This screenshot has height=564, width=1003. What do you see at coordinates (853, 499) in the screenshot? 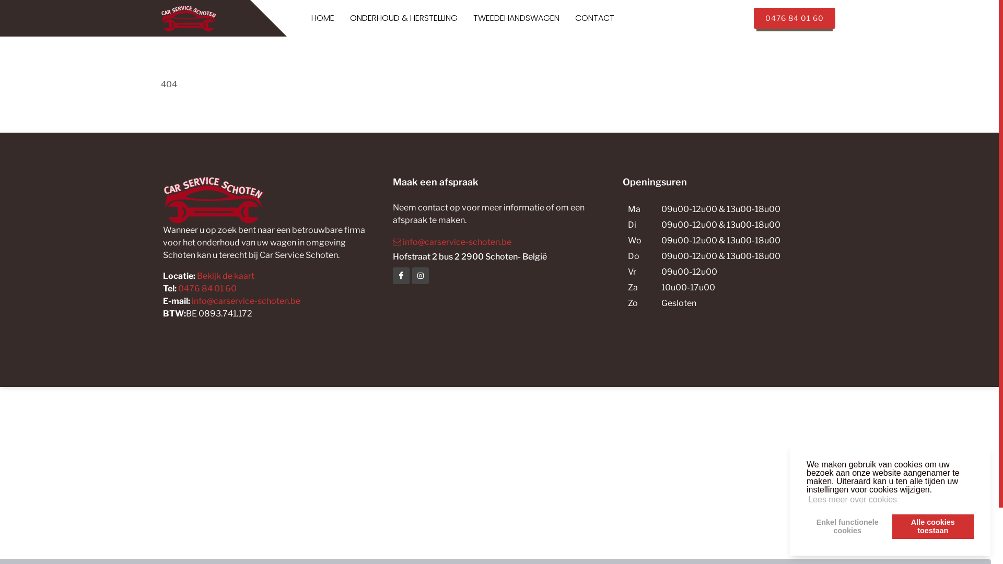
I see `'Lees meer over cookies'` at bounding box center [853, 499].